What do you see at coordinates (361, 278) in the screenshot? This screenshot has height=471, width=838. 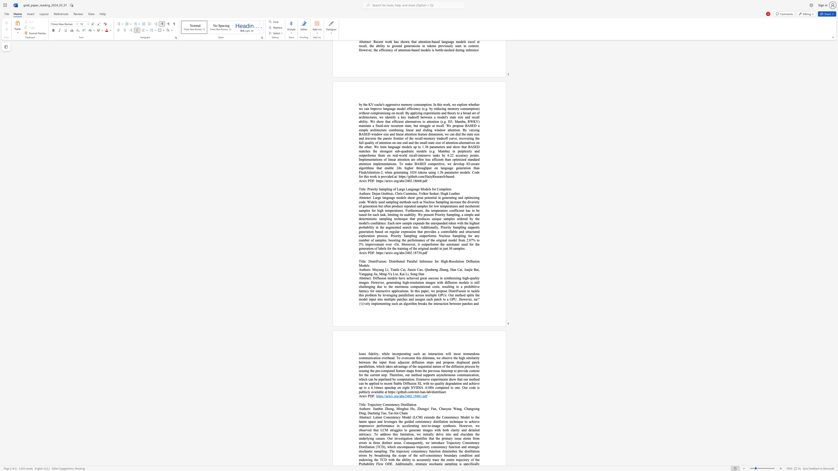 I see `the subset text "bstract:" within the text "Abstract:"` at bounding box center [361, 278].